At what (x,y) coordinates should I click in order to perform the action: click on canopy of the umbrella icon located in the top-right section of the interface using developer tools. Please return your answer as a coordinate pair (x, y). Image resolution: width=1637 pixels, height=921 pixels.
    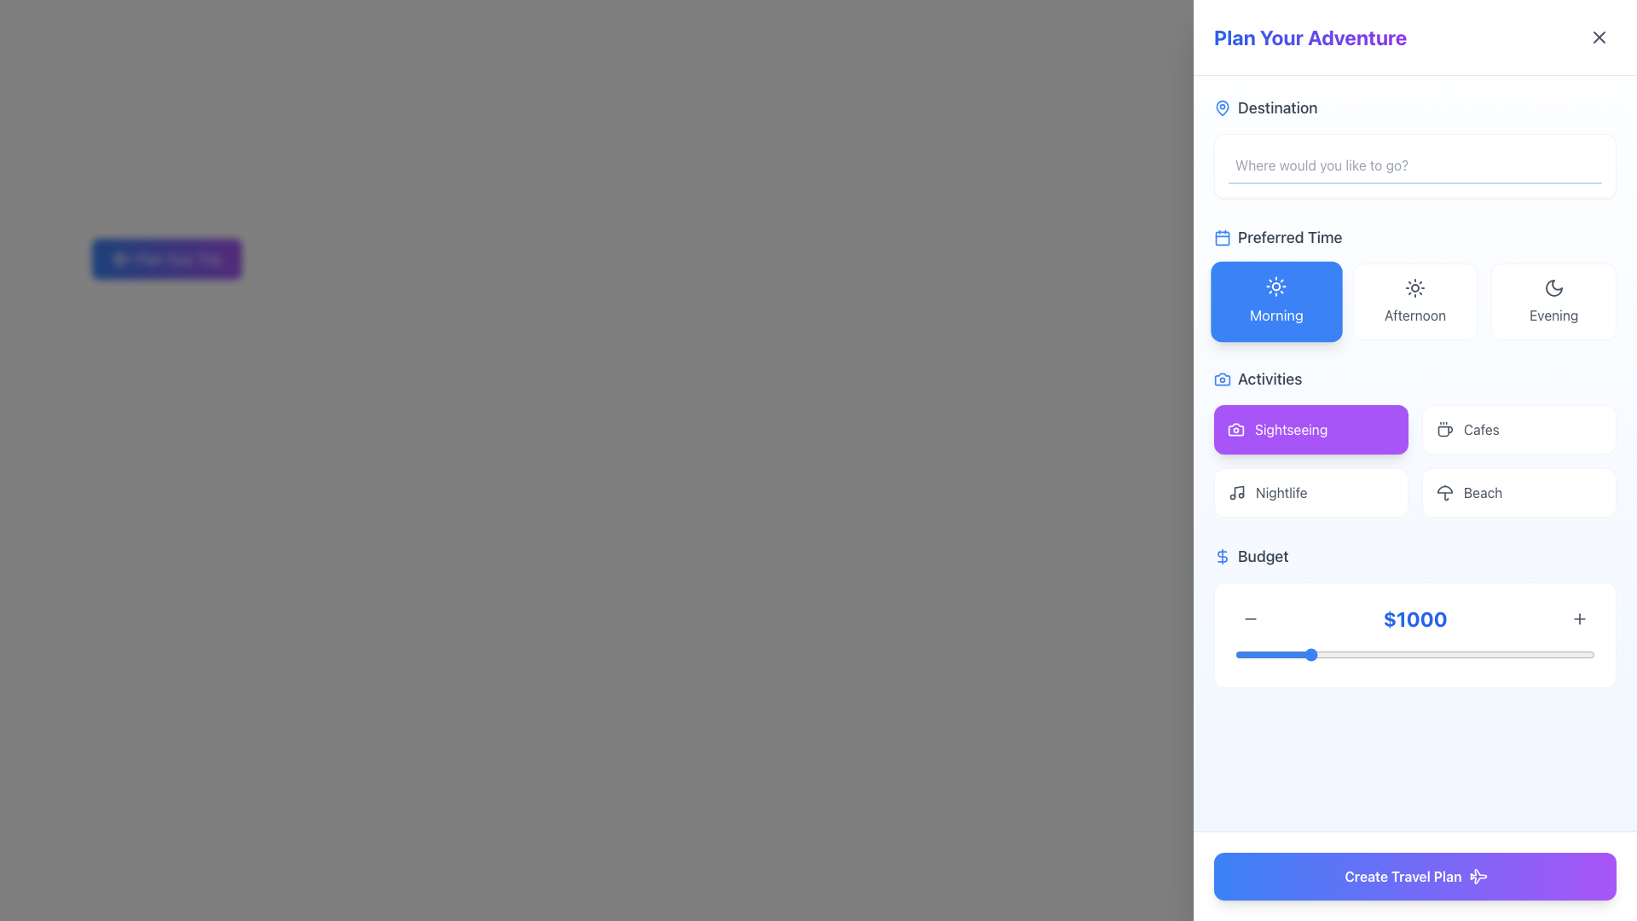
    Looking at the image, I should click on (1443, 489).